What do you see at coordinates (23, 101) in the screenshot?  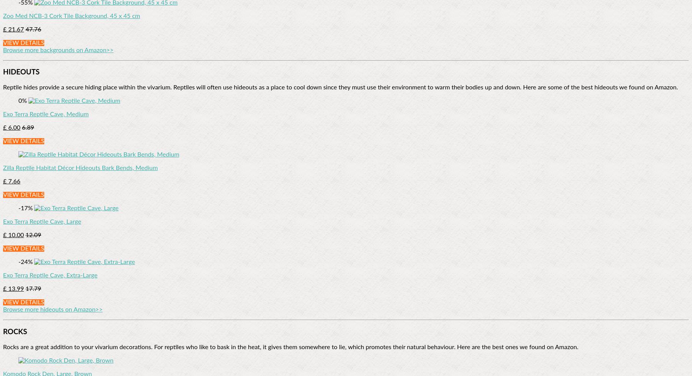 I see `'0%'` at bounding box center [23, 101].